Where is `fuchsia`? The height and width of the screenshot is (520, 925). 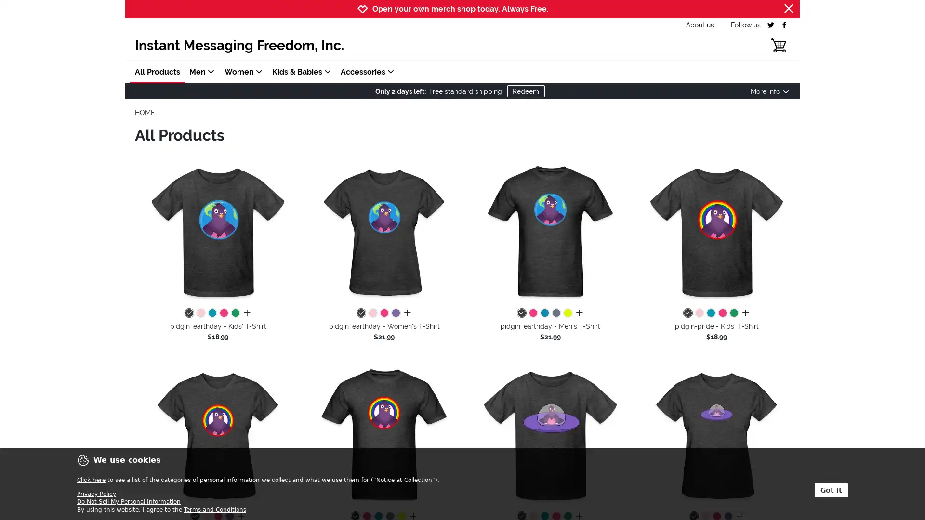
fuchsia is located at coordinates (722, 313).